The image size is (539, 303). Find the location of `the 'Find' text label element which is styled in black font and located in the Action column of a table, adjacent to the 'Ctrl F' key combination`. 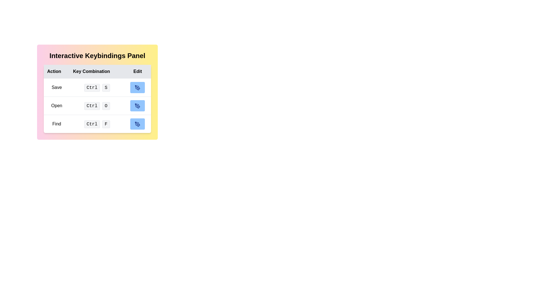

the 'Find' text label element which is styled in black font and located in the Action column of a table, adjacent to the 'Ctrl F' key combination is located at coordinates (57, 123).